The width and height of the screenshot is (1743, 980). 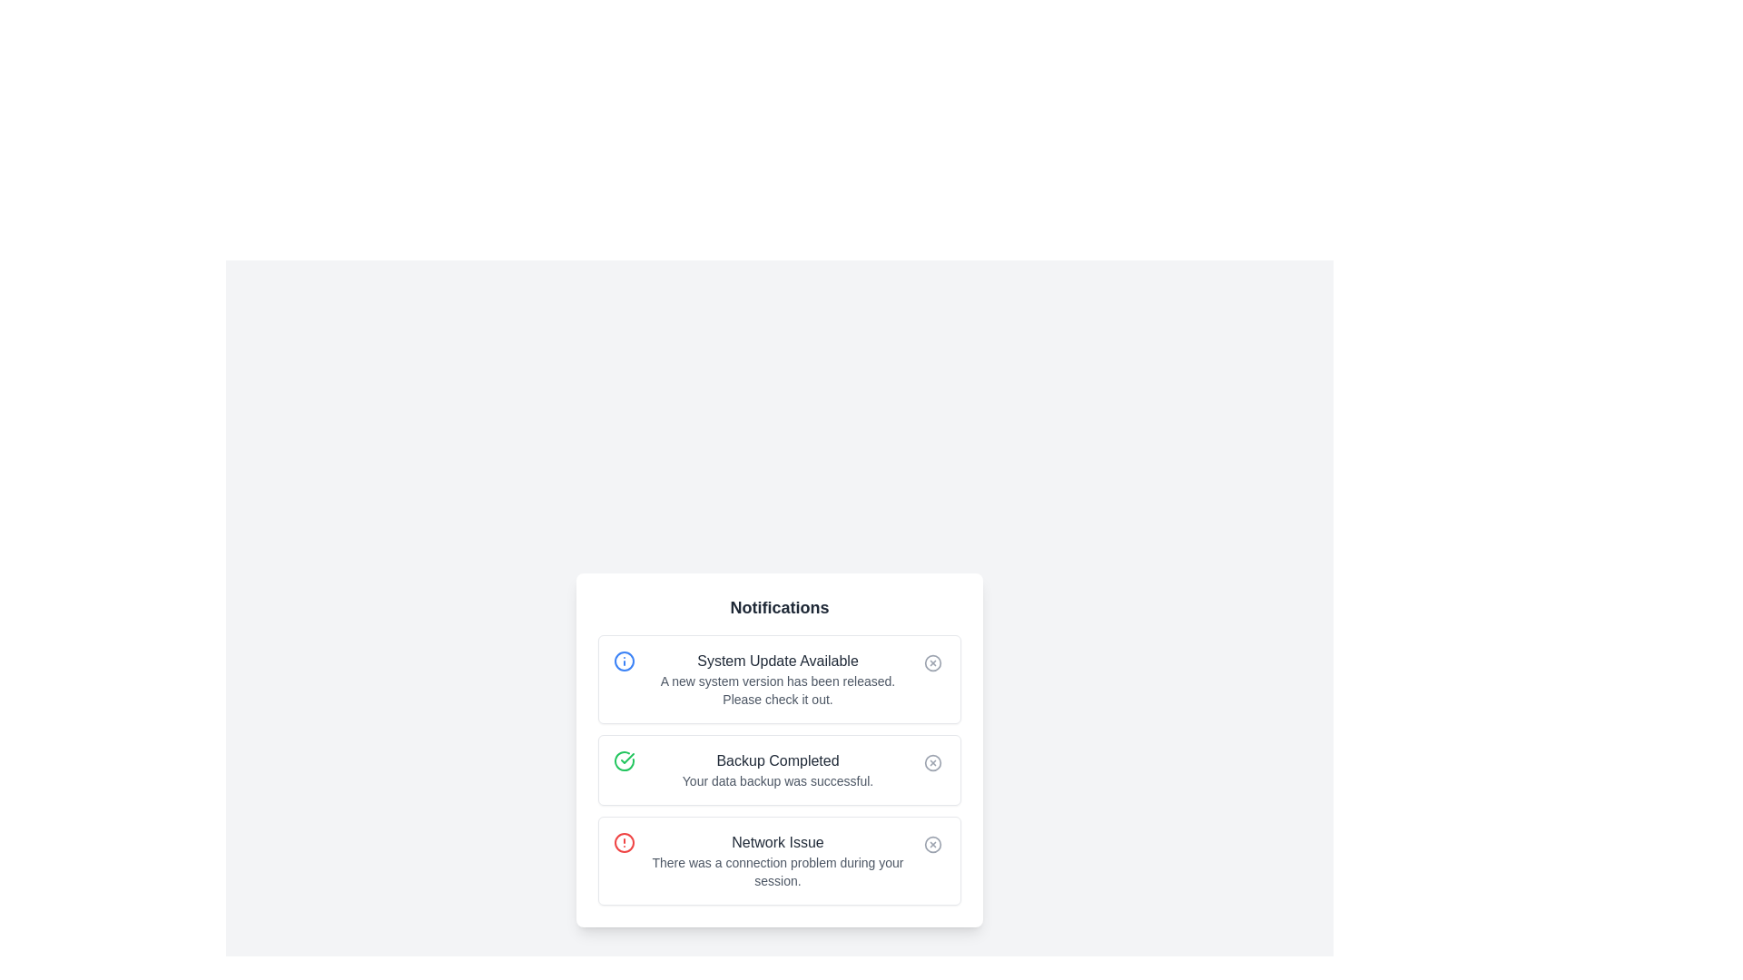 What do you see at coordinates (778, 761) in the screenshot?
I see `the Text Label that summarizes the successful backup event within the notification card` at bounding box center [778, 761].